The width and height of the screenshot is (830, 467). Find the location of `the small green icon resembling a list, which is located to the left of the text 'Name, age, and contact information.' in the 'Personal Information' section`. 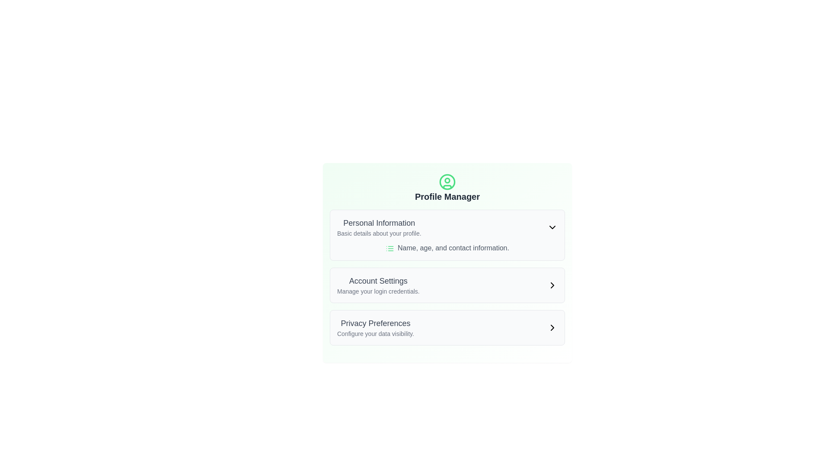

the small green icon resembling a list, which is located to the left of the text 'Name, age, and contact information.' in the 'Personal Information' section is located at coordinates (389, 248).